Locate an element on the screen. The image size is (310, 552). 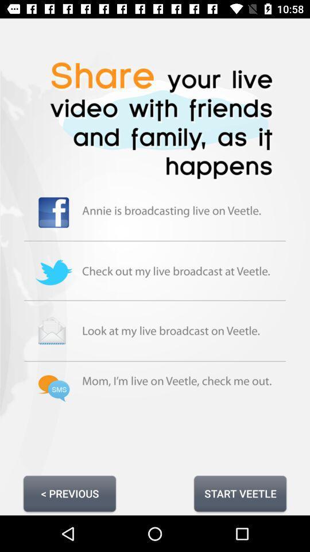
the < previous button is located at coordinates (69, 493).